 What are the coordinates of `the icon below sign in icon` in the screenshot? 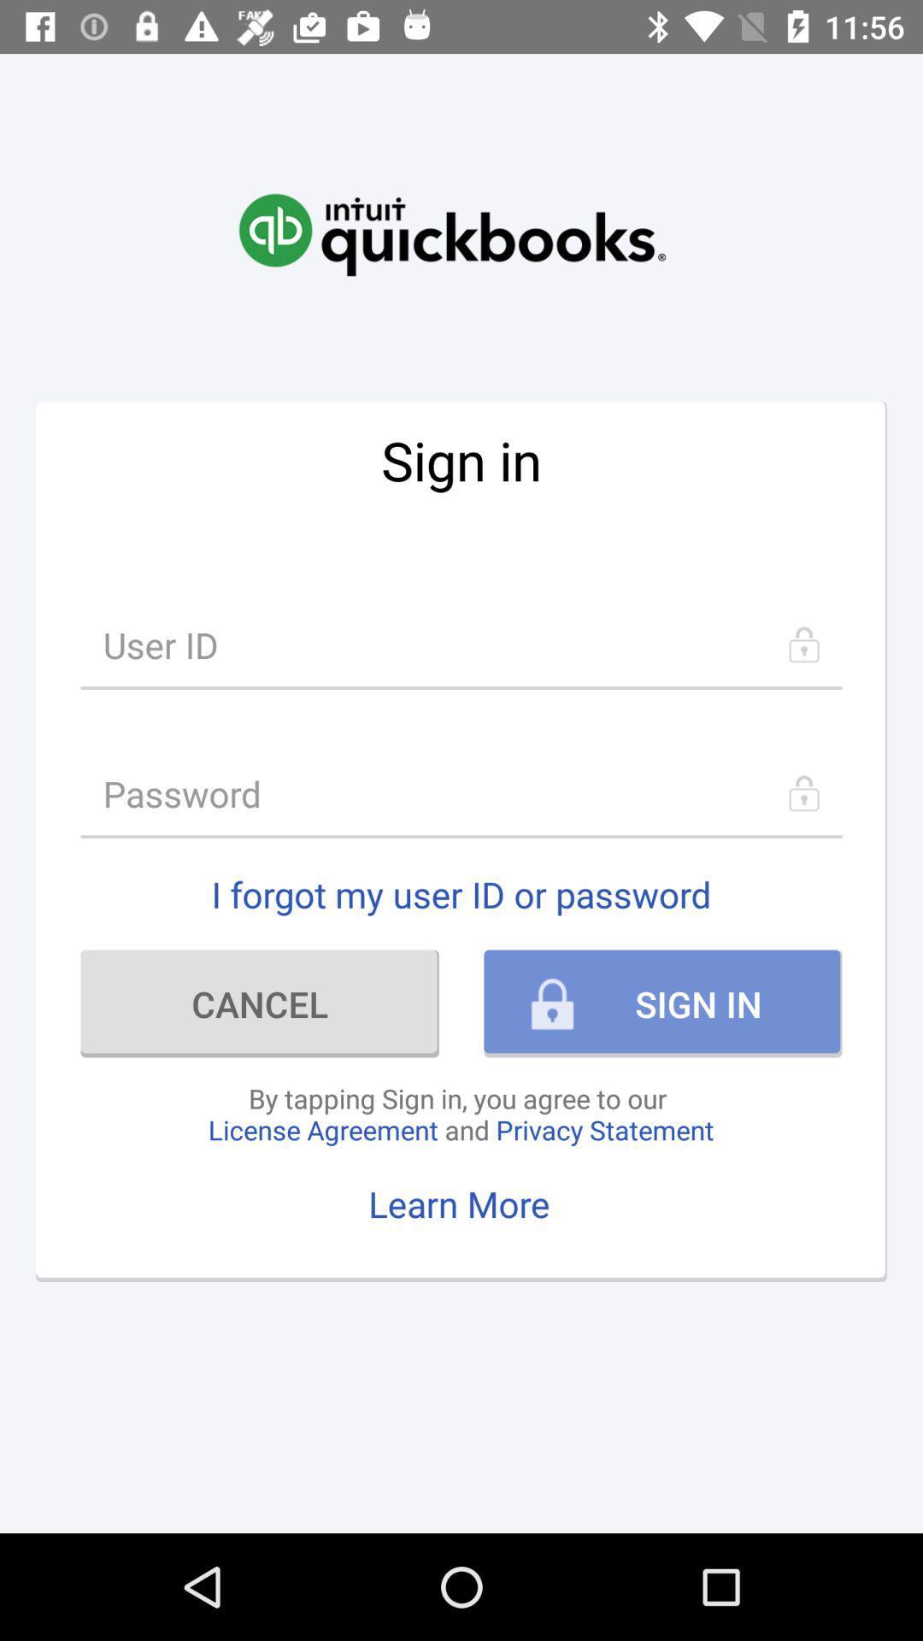 It's located at (461, 644).